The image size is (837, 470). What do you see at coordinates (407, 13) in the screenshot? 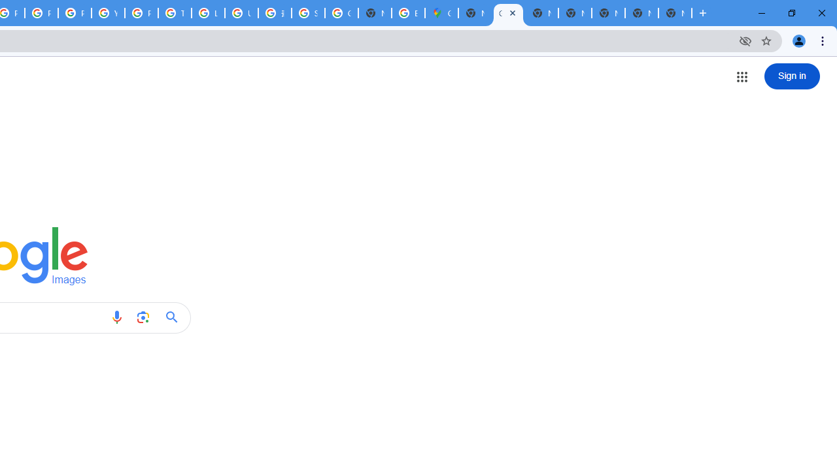
I see `'Explore new street-level details - Google Maps Help'` at bounding box center [407, 13].